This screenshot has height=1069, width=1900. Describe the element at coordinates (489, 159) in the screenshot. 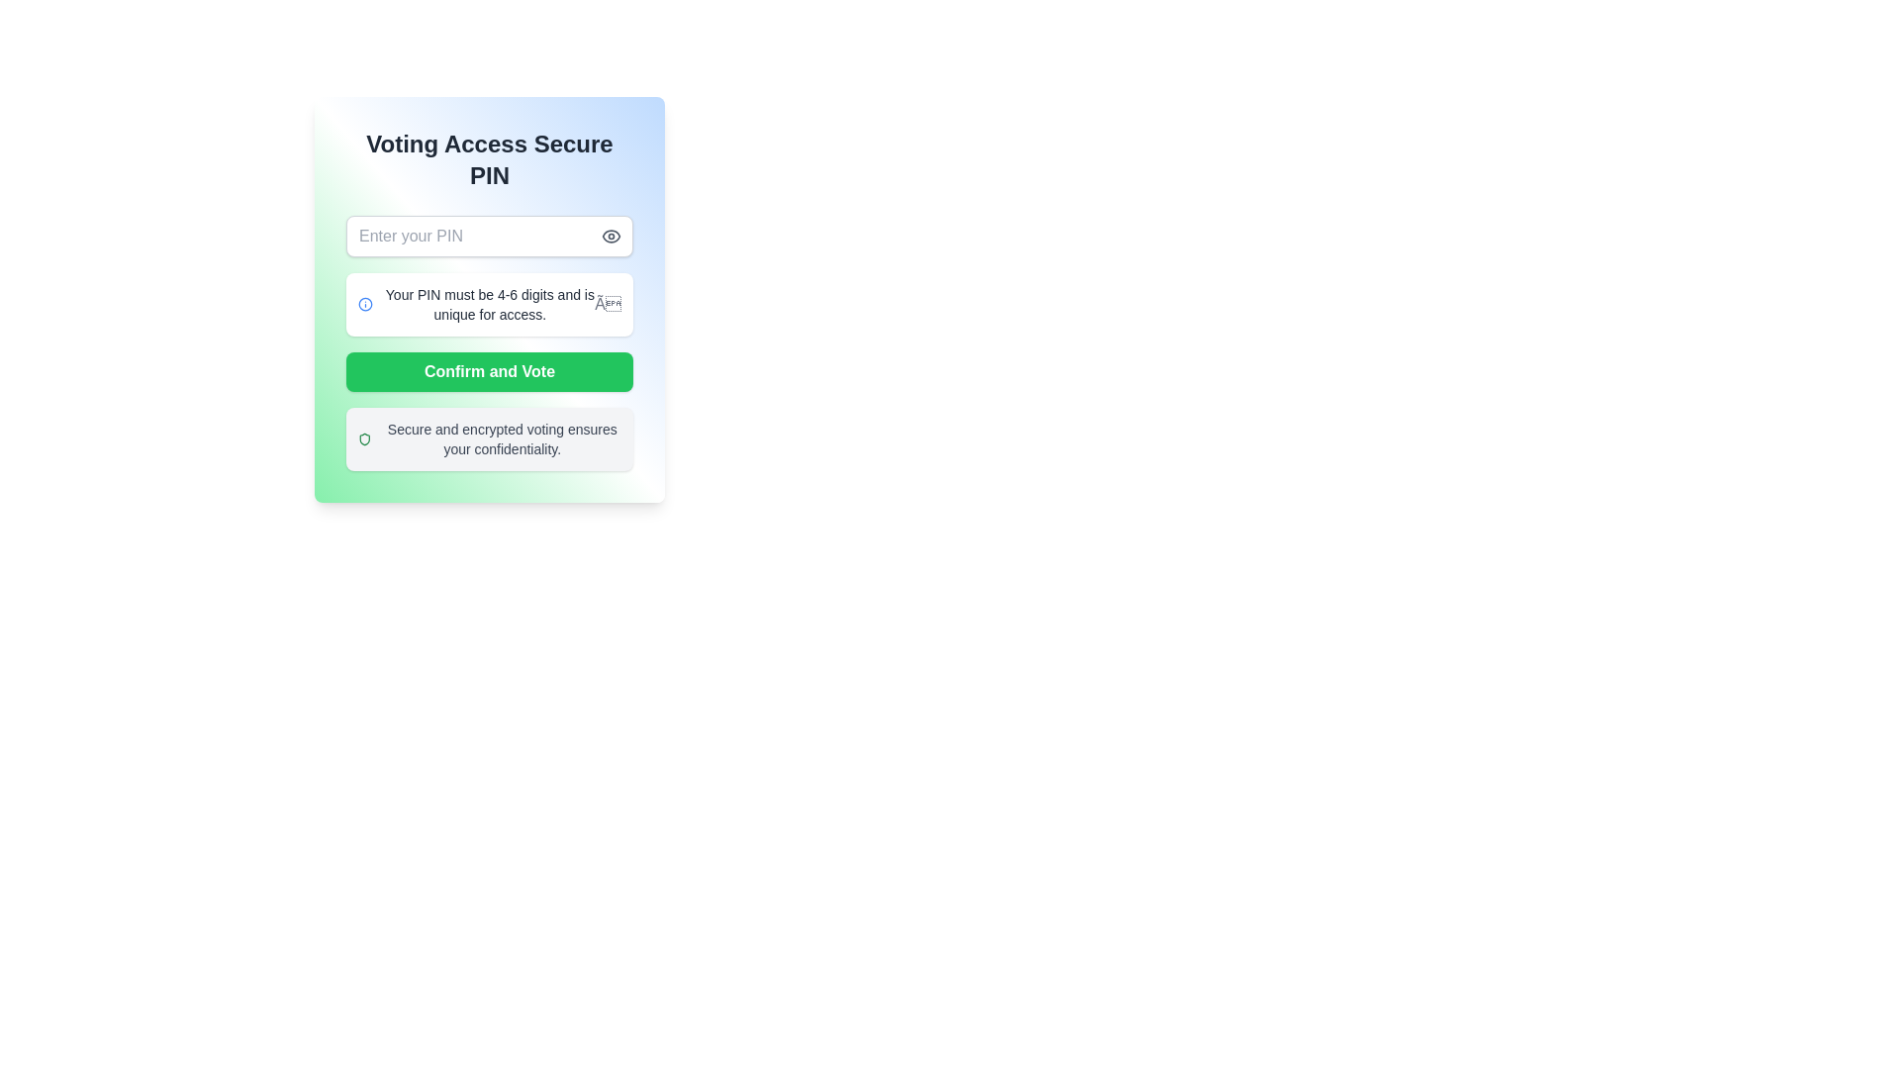

I see `heading element that displays 'Voting Access Secure PIN', which is a bold and large text centered in a light gradient background` at that location.